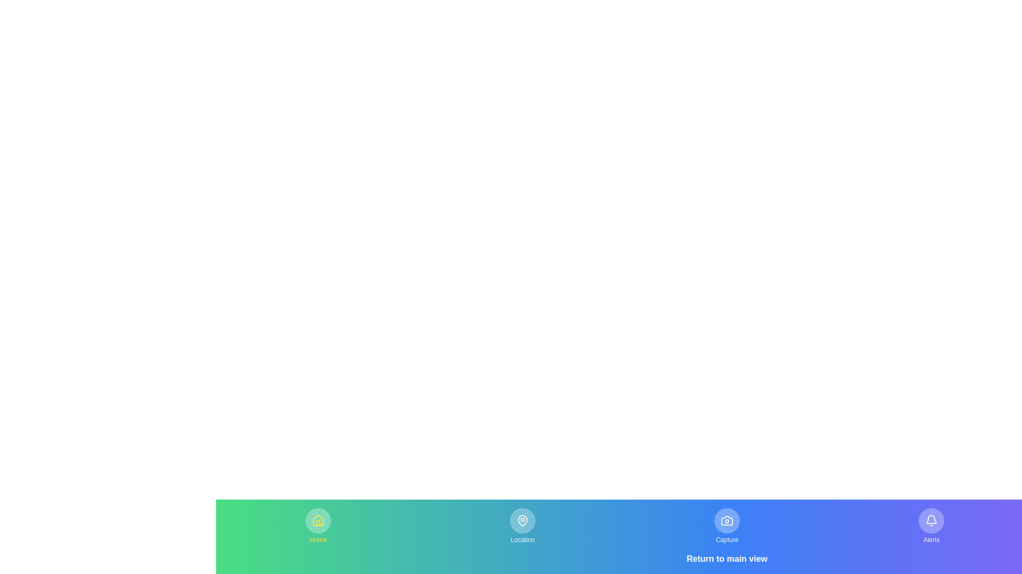  Describe the element at coordinates (931, 526) in the screenshot. I see `the menu item corresponding to Alerts` at that location.